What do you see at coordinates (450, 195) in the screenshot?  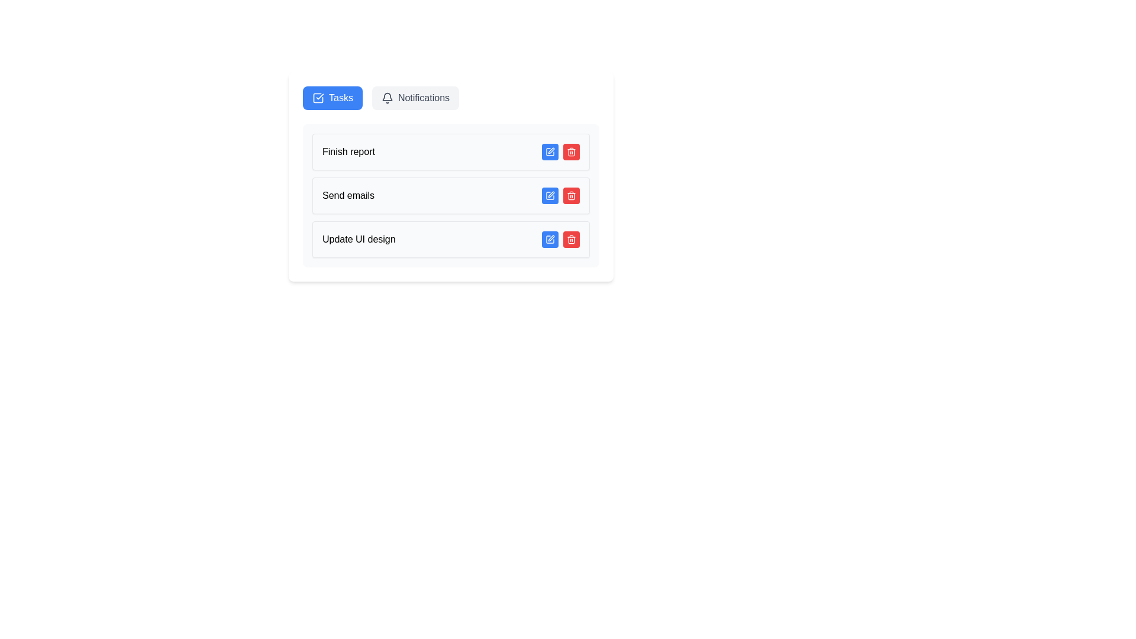 I see `the vertical list containing task entries 'Finish report', 'Send emails', and 'Update UI design'` at bounding box center [450, 195].